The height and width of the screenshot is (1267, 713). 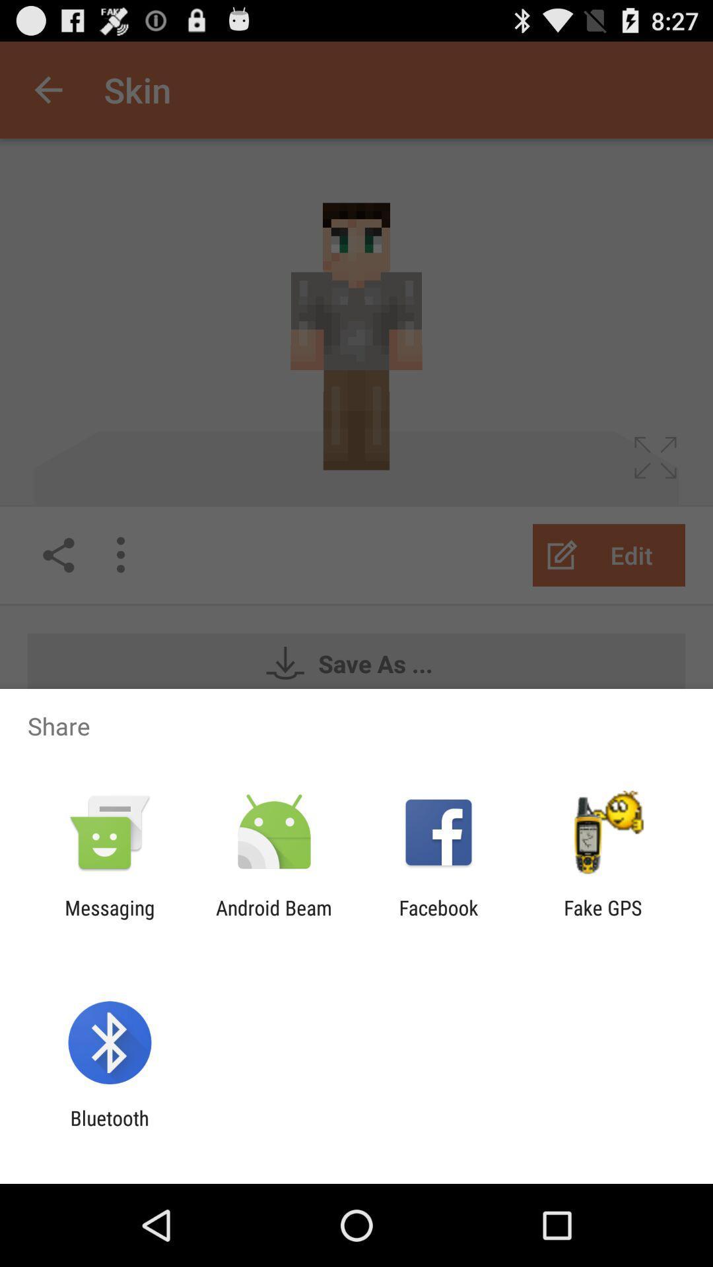 I want to click on the fake gps icon, so click(x=603, y=919).